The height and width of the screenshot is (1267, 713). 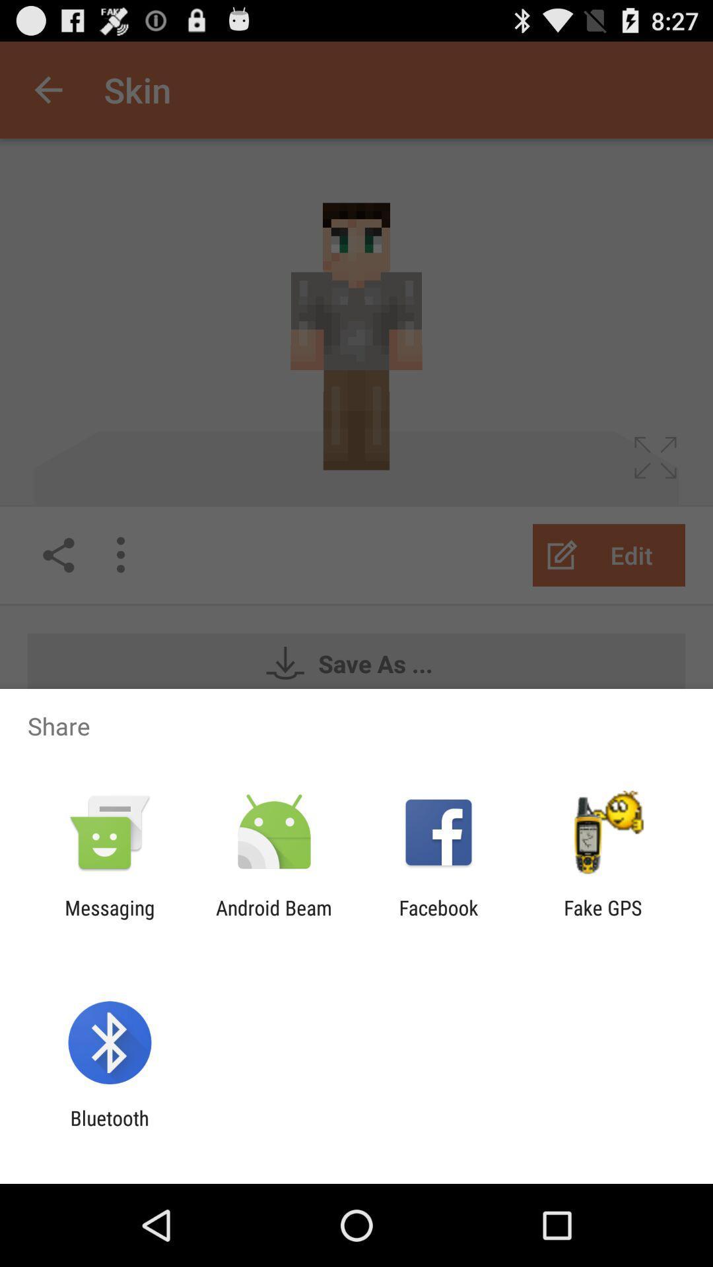 I want to click on the fake gps icon, so click(x=603, y=919).